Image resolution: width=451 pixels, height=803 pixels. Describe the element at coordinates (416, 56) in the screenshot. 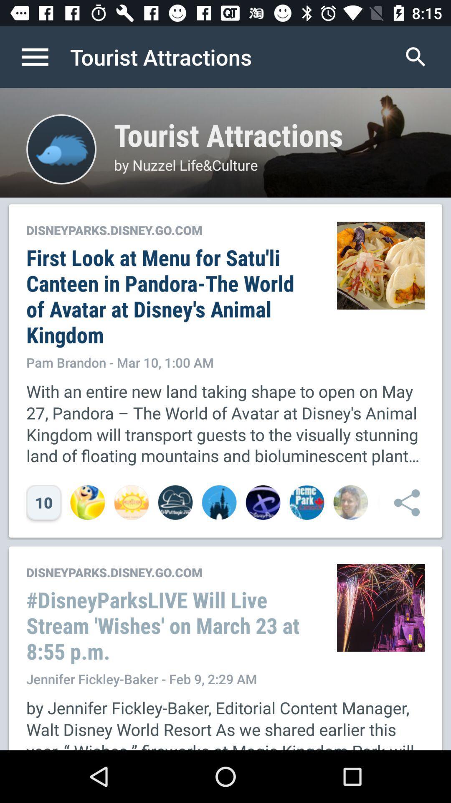

I see `icon to the right of tourist attractions item` at that location.